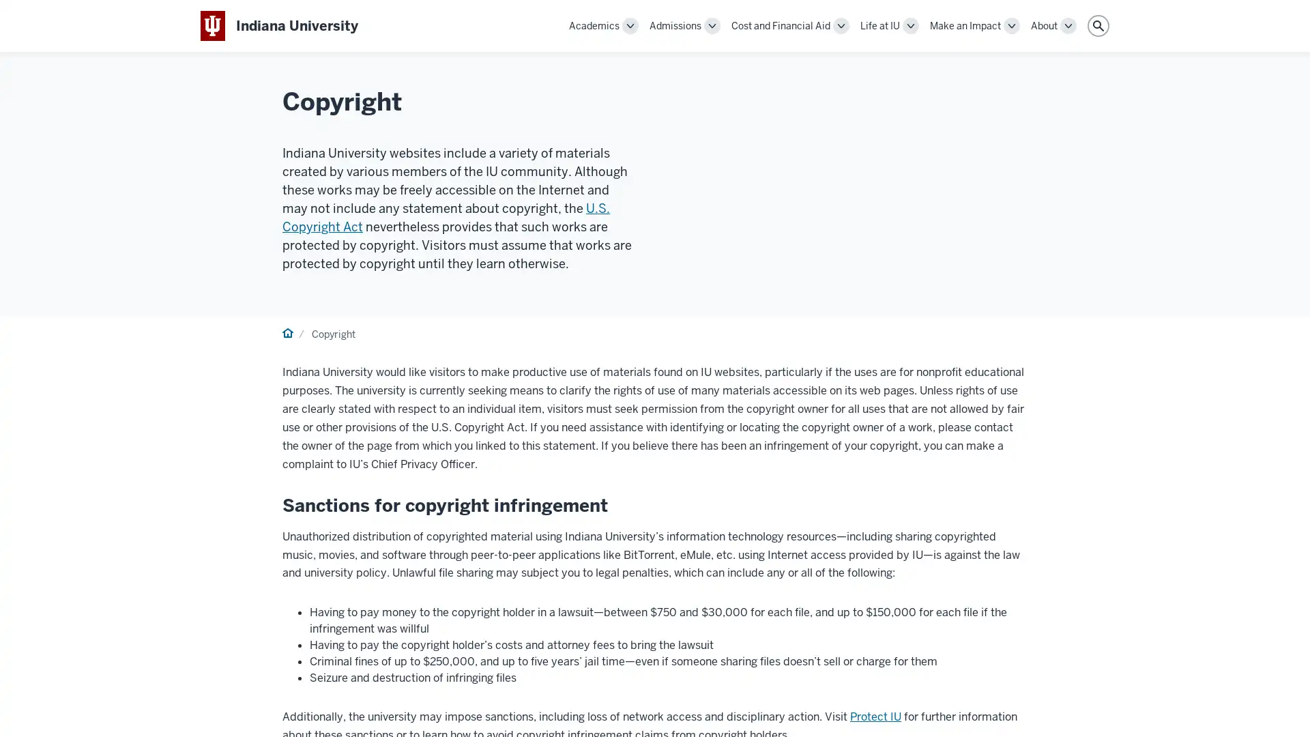 The height and width of the screenshot is (737, 1310). What do you see at coordinates (711, 26) in the screenshot?
I see `Toggle Admissions navigation` at bounding box center [711, 26].